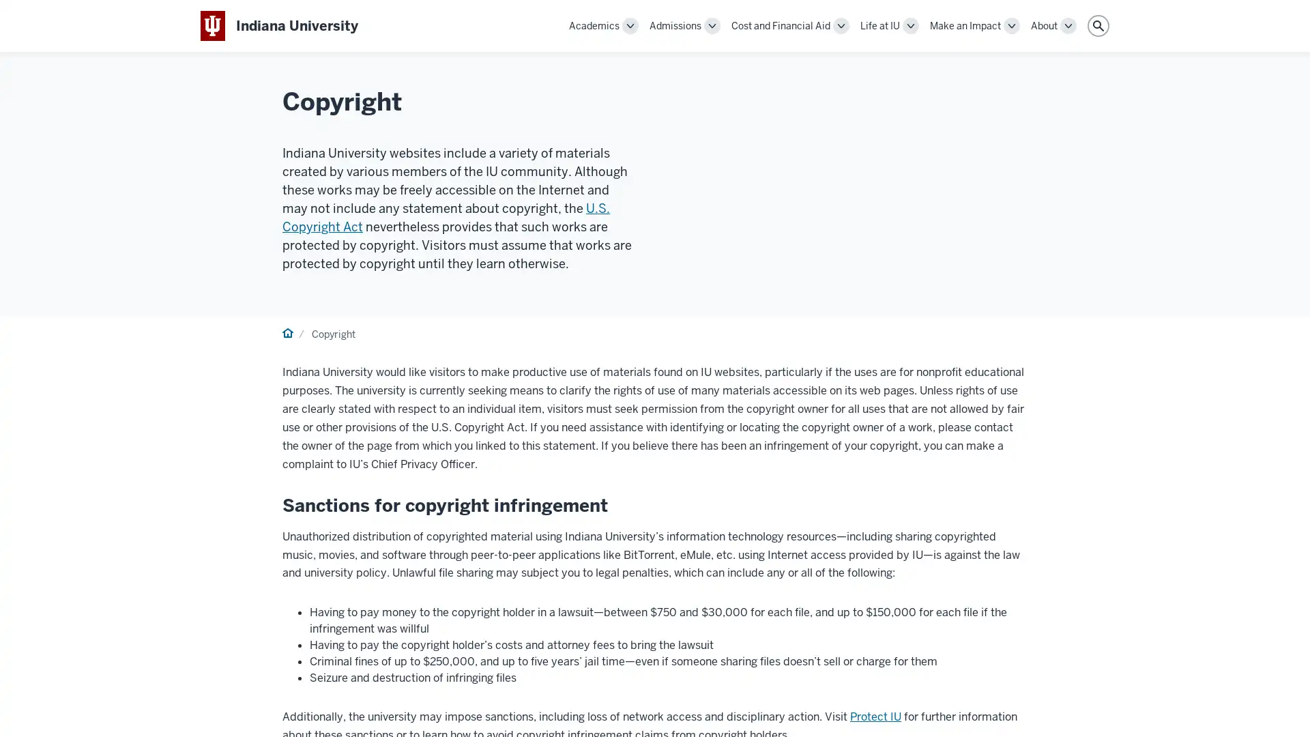 The height and width of the screenshot is (737, 1310). What do you see at coordinates (711, 26) in the screenshot?
I see `Toggle Admissions navigation` at bounding box center [711, 26].